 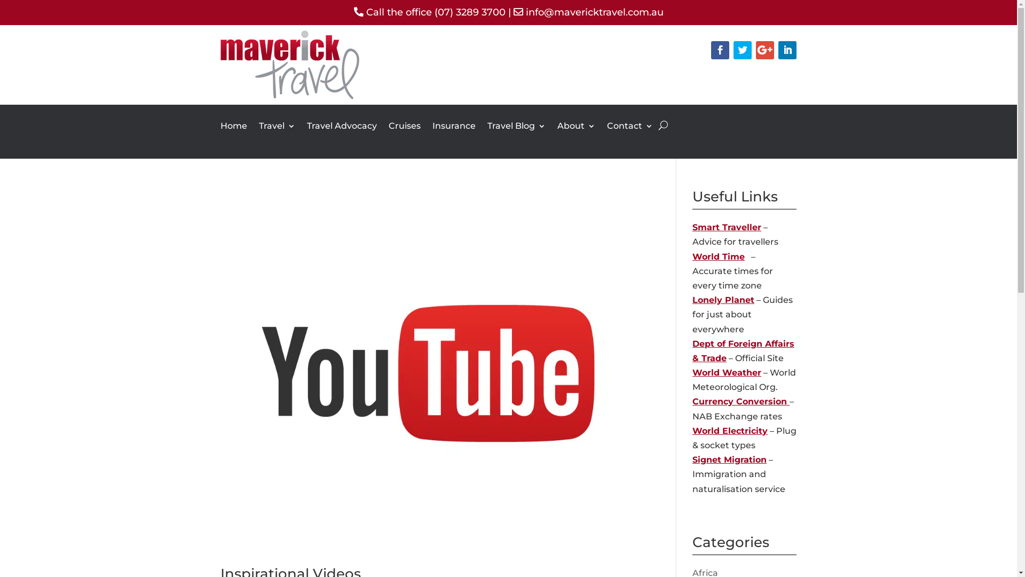 I want to click on 'Cruises', so click(x=404, y=133).